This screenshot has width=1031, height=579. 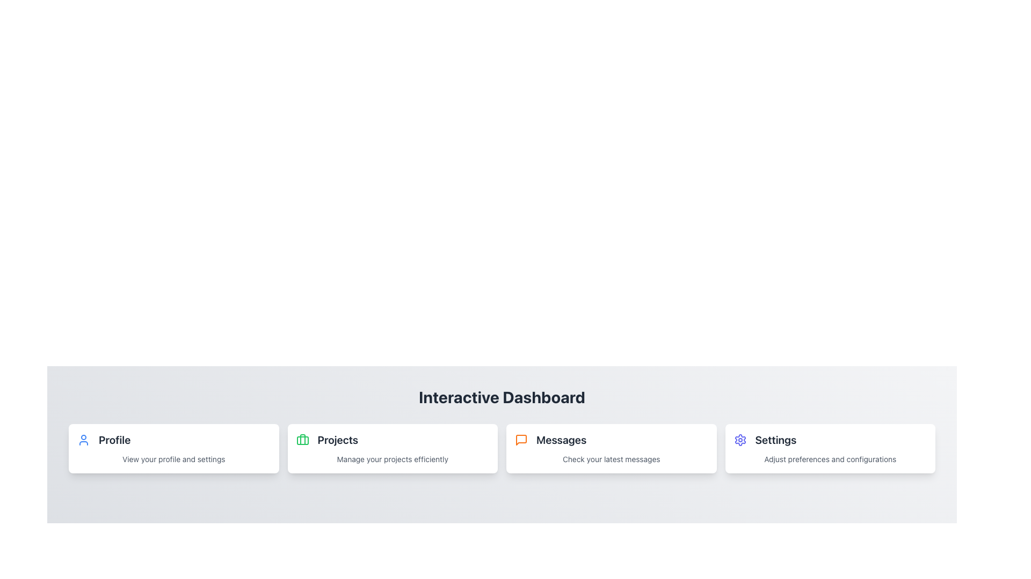 What do you see at coordinates (775, 440) in the screenshot?
I see `the 'Settings' text label, which is displayed in bold, large dark gray text and is positioned in the rightmost column of a set of cards, following a graphical icon in a header group` at bounding box center [775, 440].